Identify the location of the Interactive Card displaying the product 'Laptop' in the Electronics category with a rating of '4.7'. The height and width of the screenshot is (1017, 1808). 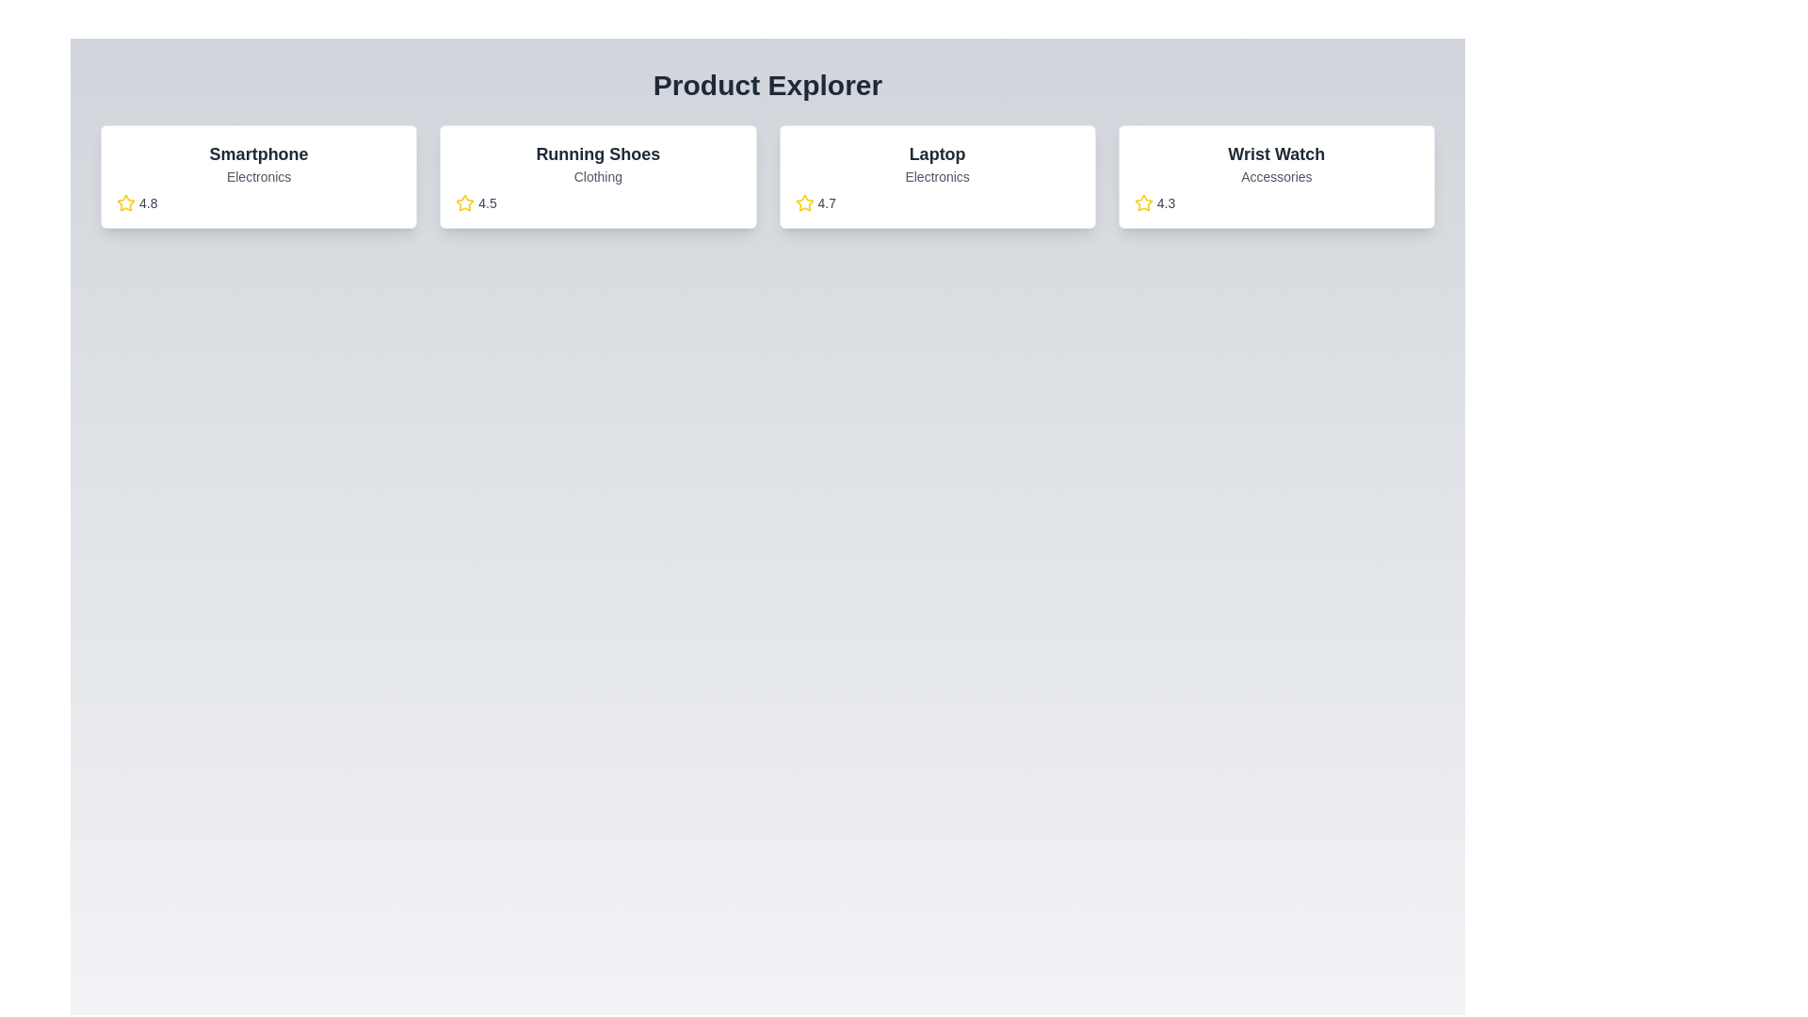
(937, 177).